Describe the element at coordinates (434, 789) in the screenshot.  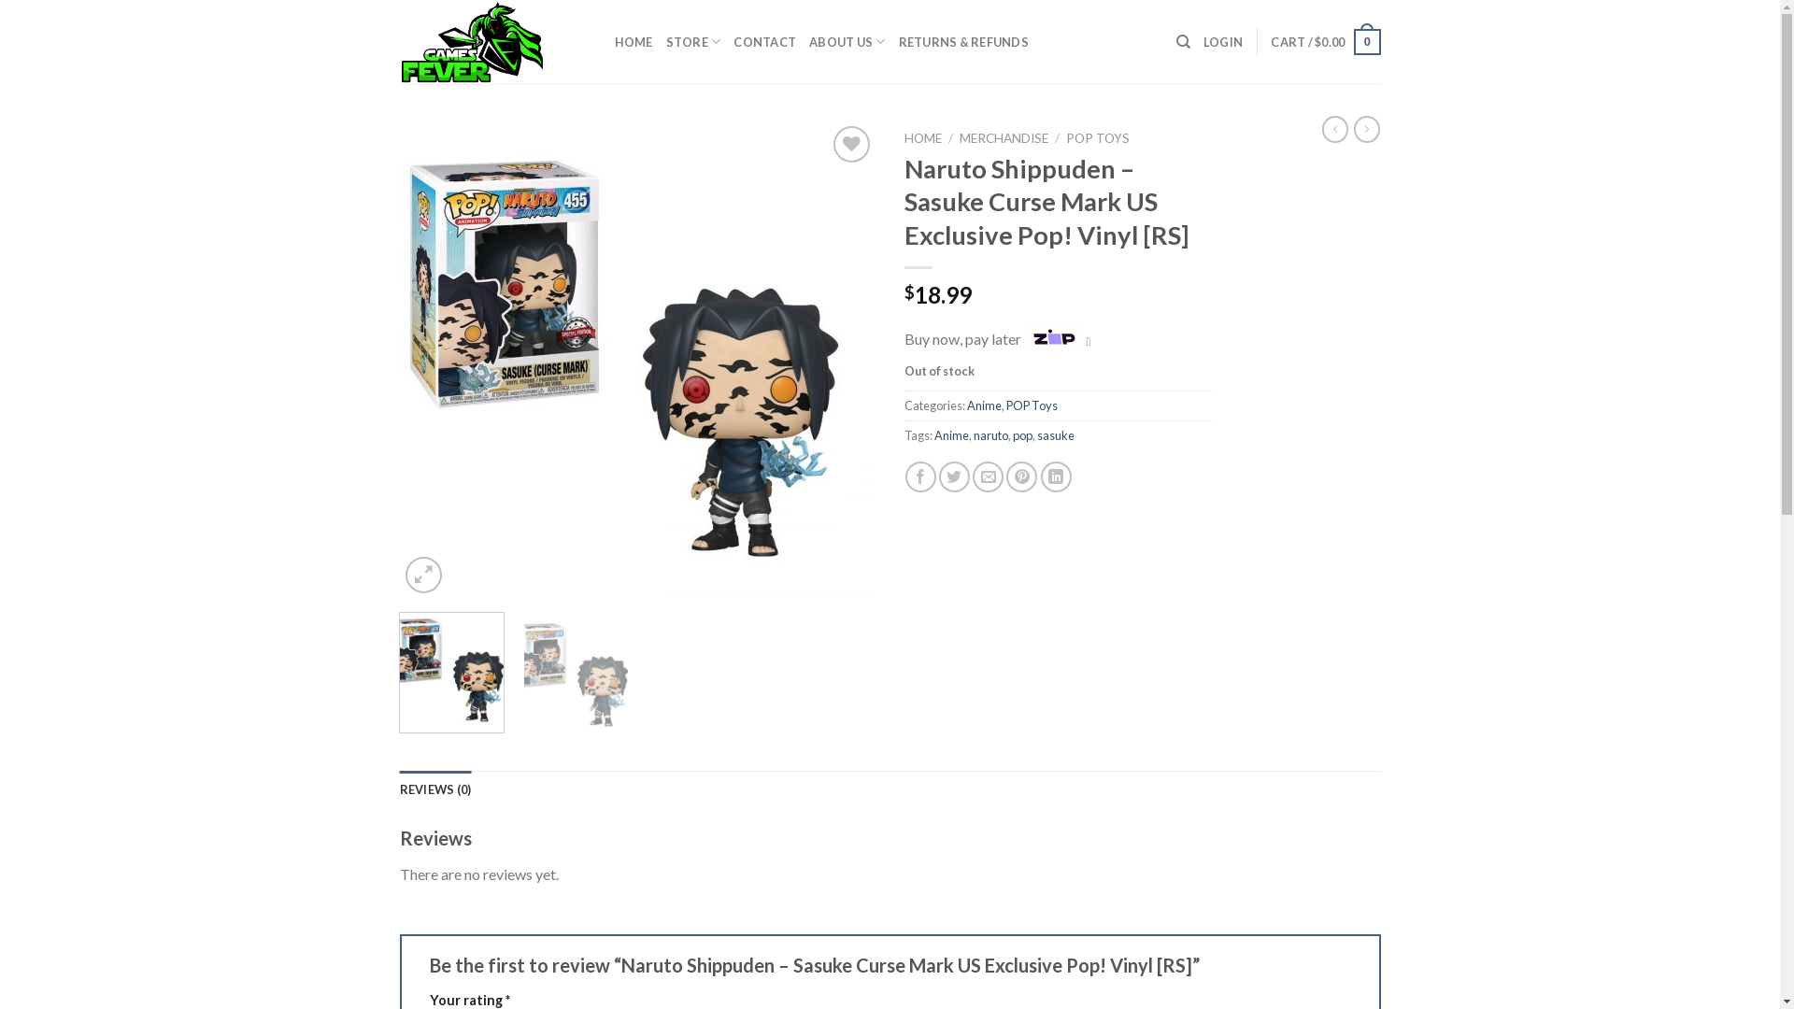
I see `'REVIEWS (0)'` at that location.